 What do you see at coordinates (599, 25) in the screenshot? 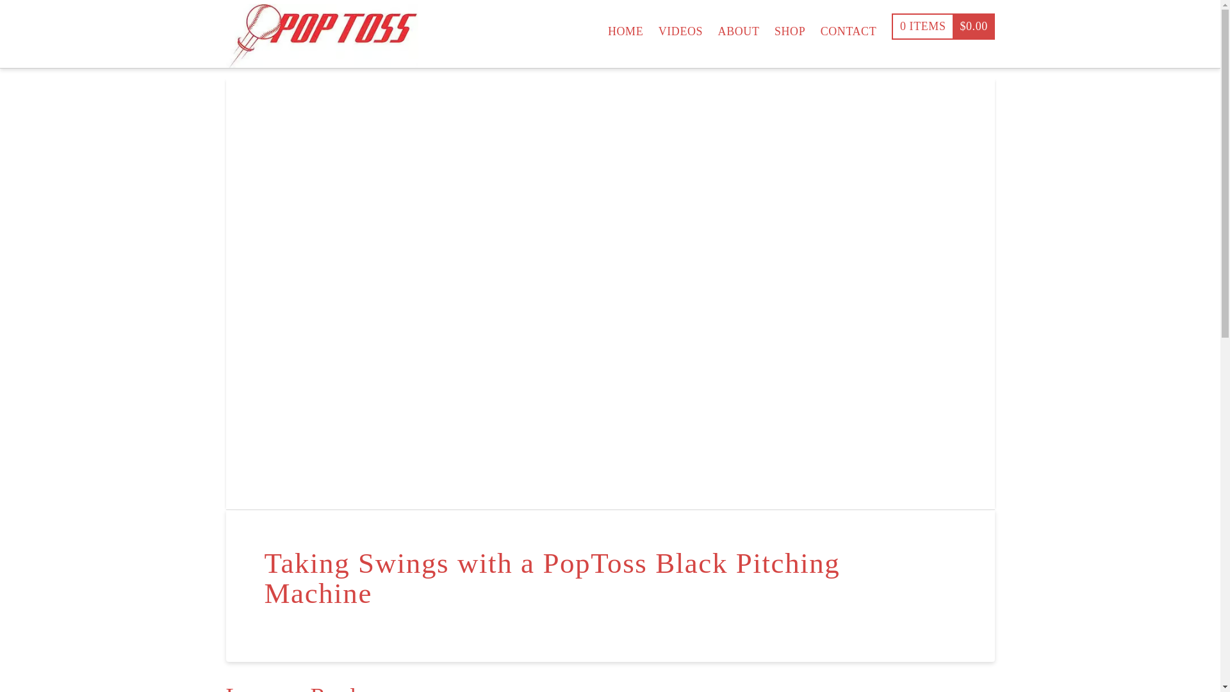
I see `'HOME'` at bounding box center [599, 25].